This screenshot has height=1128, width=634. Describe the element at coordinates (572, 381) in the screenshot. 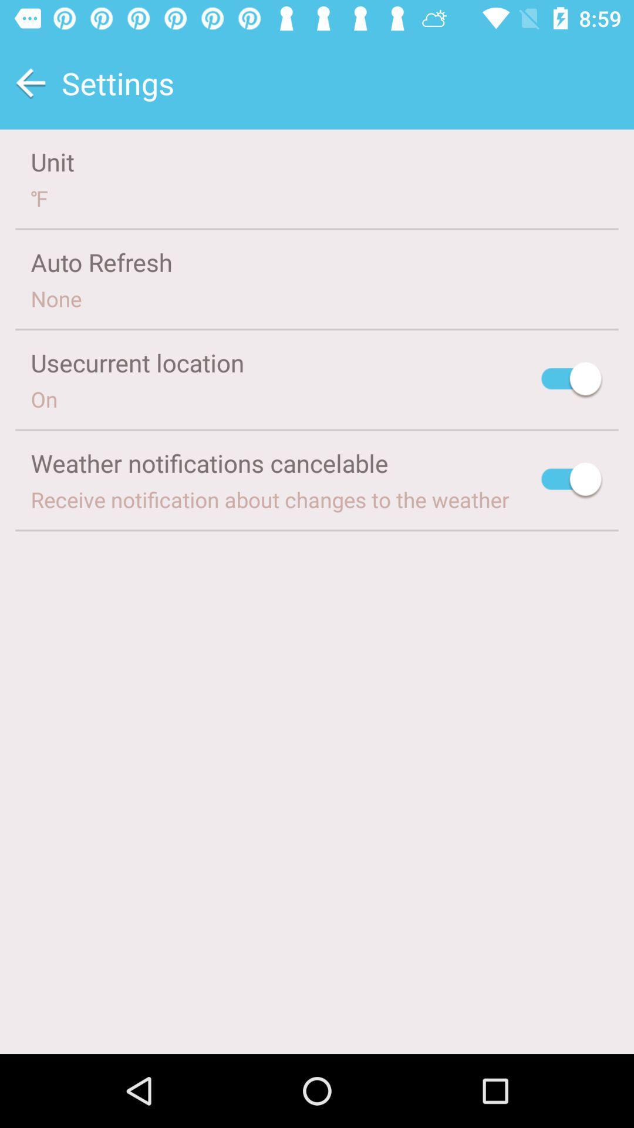

I see `switch element on/off` at that location.